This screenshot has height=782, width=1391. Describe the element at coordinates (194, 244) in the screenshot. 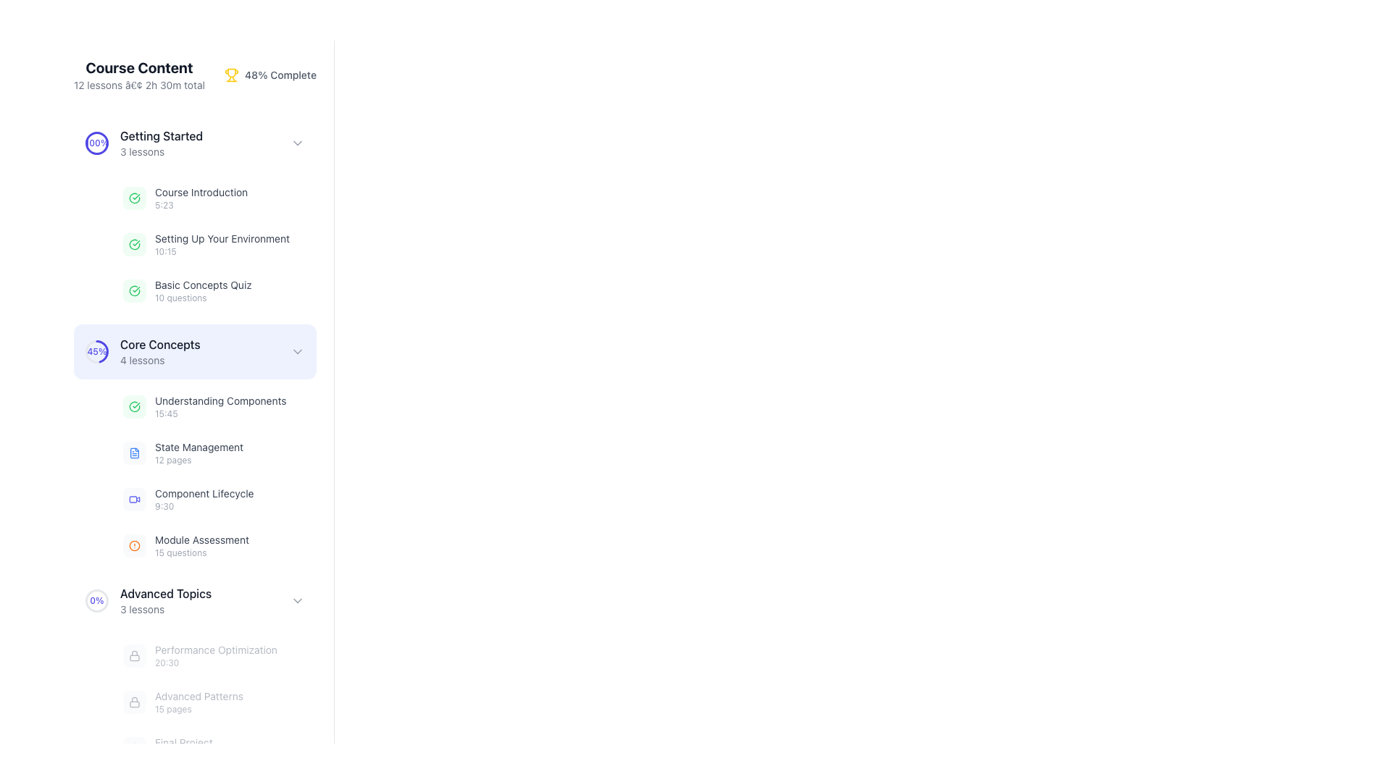

I see `the interactive list item labeled 'Setting Up Your Environment'` at that location.